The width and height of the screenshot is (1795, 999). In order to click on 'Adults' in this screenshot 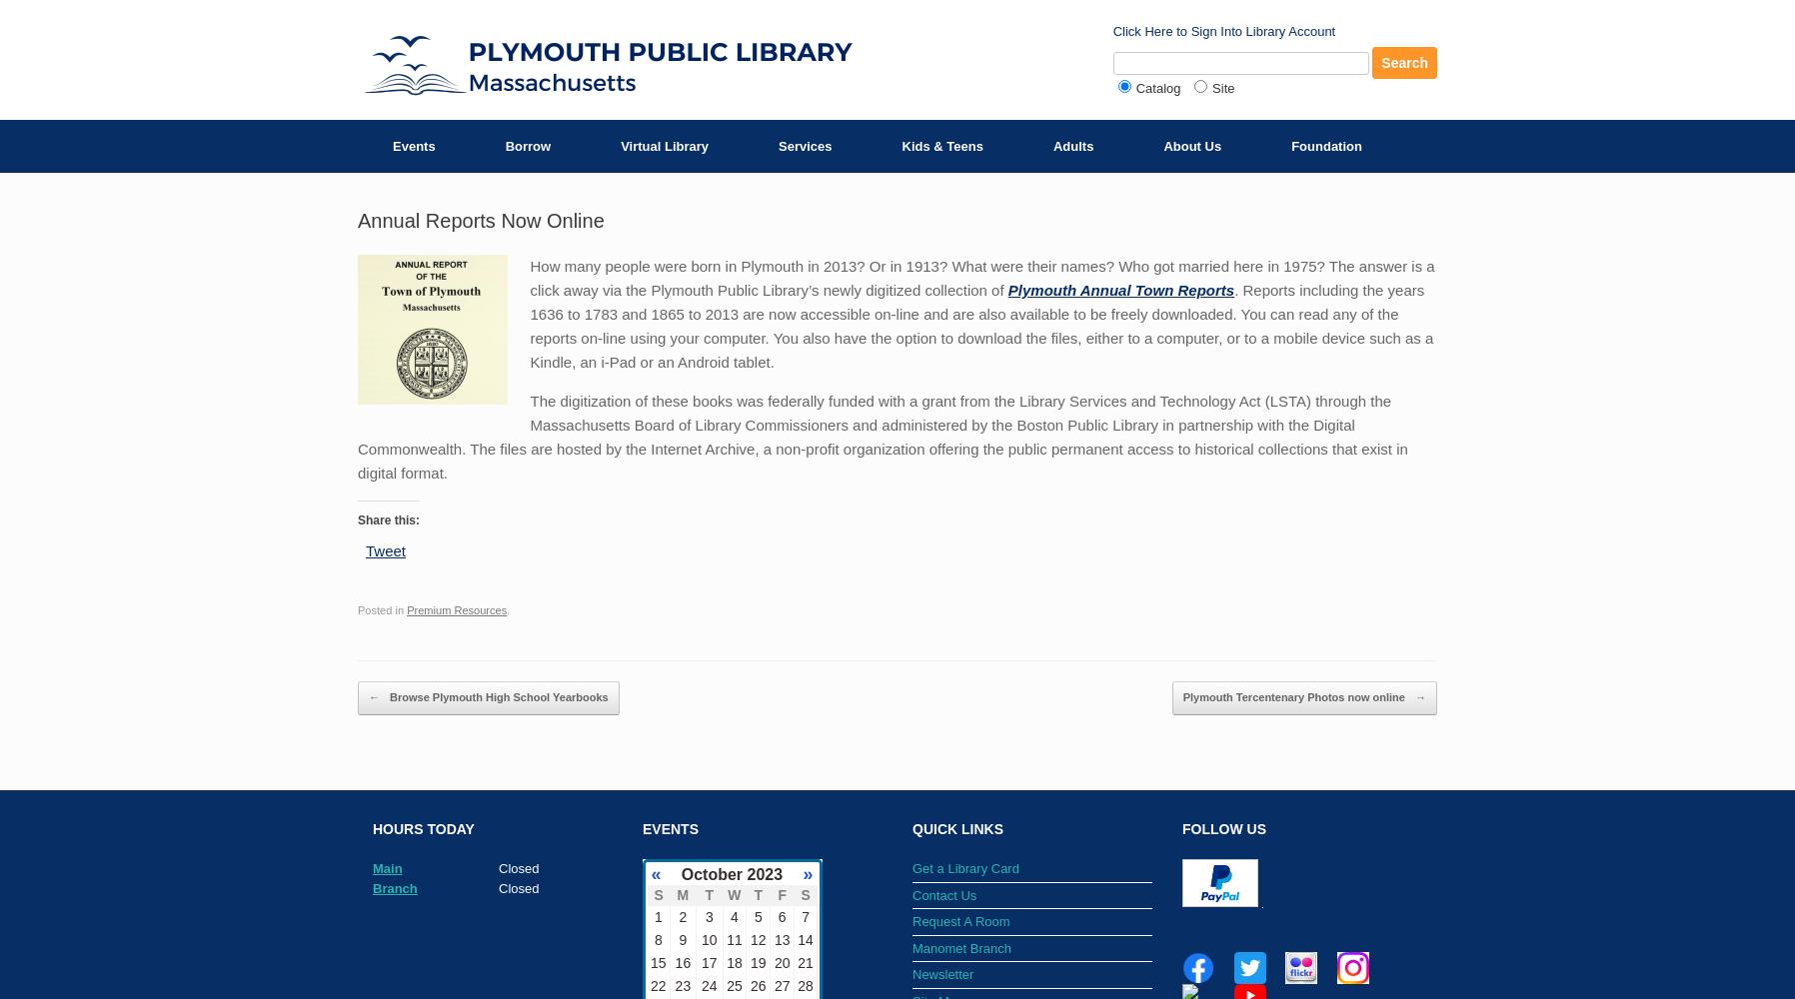, I will do `click(1071, 146)`.